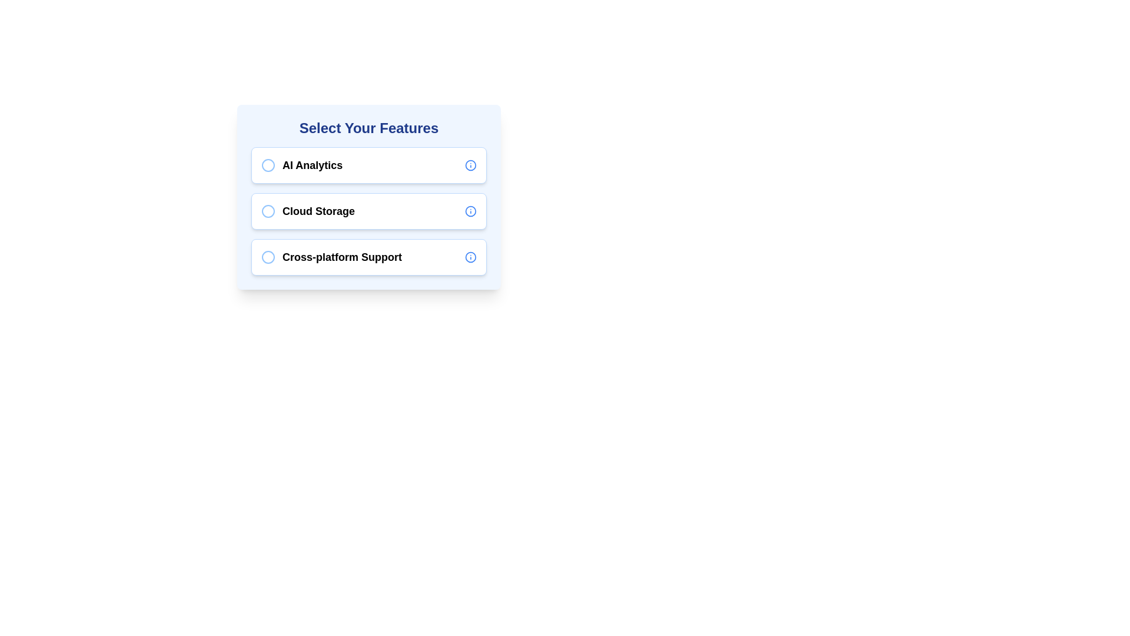 This screenshot has width=1130, height=636. I want to click on the blue information icon next to the 'Cross-platform Support' label, so click(471, 256).